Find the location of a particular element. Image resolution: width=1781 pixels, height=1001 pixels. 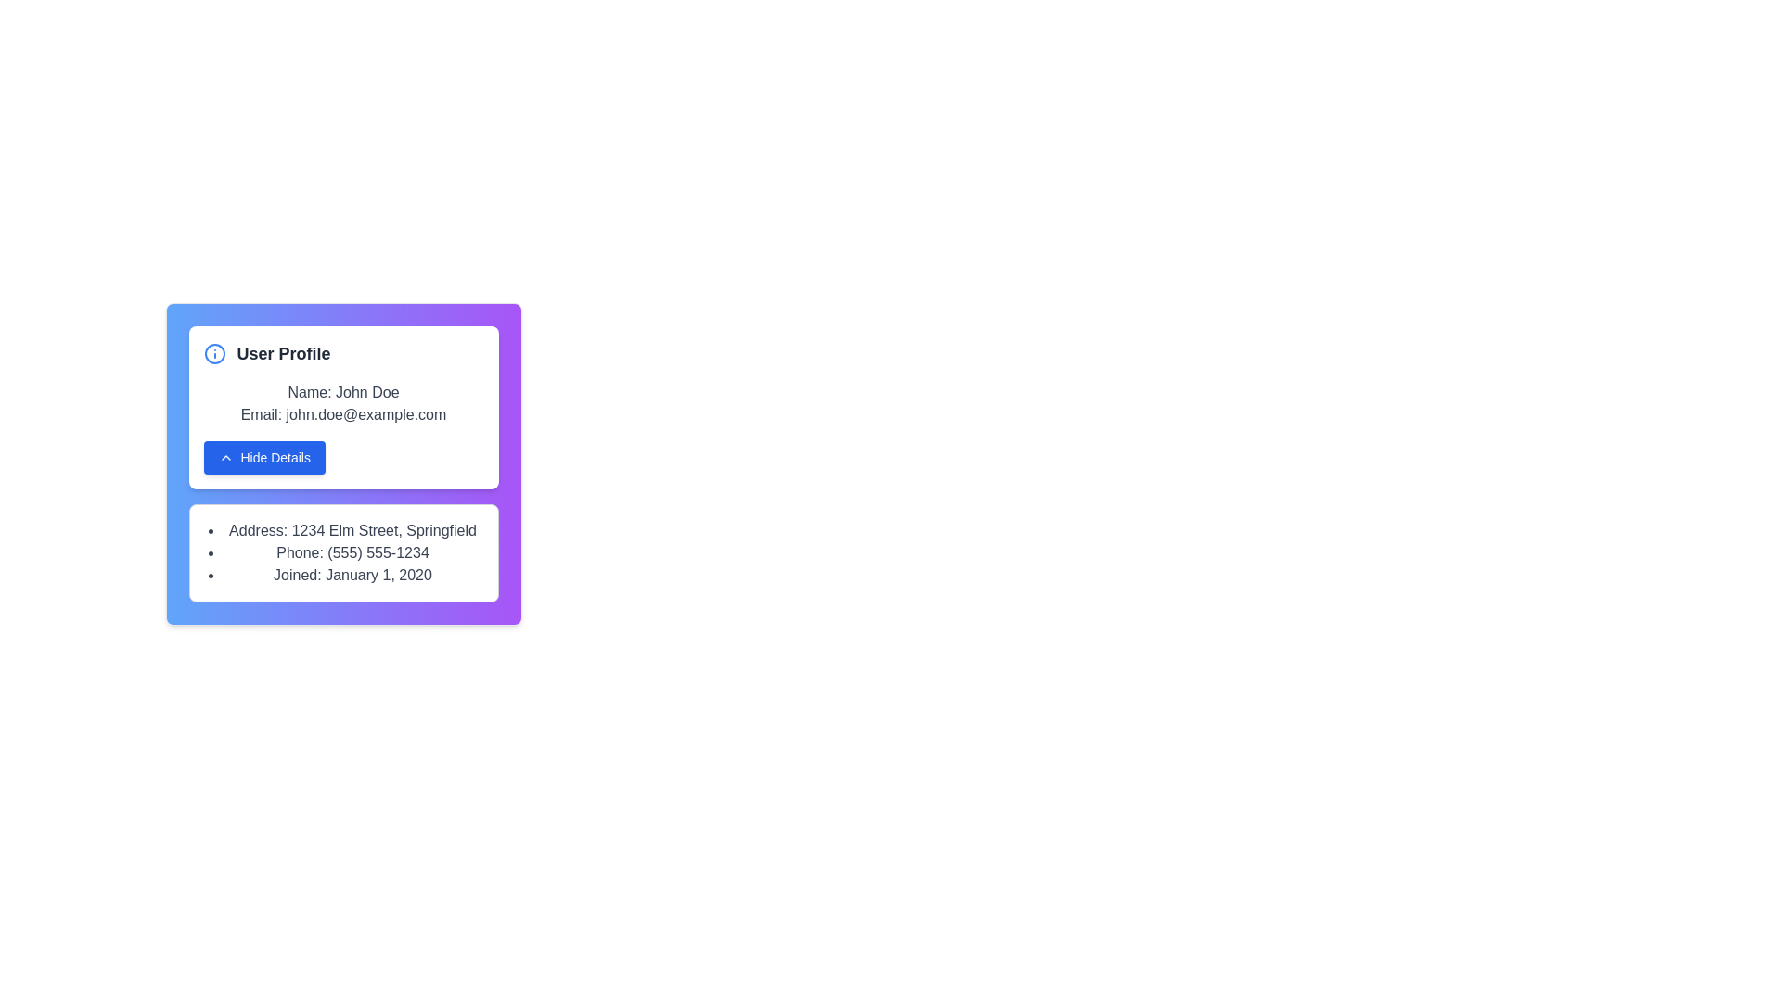

the Text Section displaying the address, phone number, and joining date, located within the 'User Profile' component, below the 'Hide Details' button is located at coordinates (343, 552).